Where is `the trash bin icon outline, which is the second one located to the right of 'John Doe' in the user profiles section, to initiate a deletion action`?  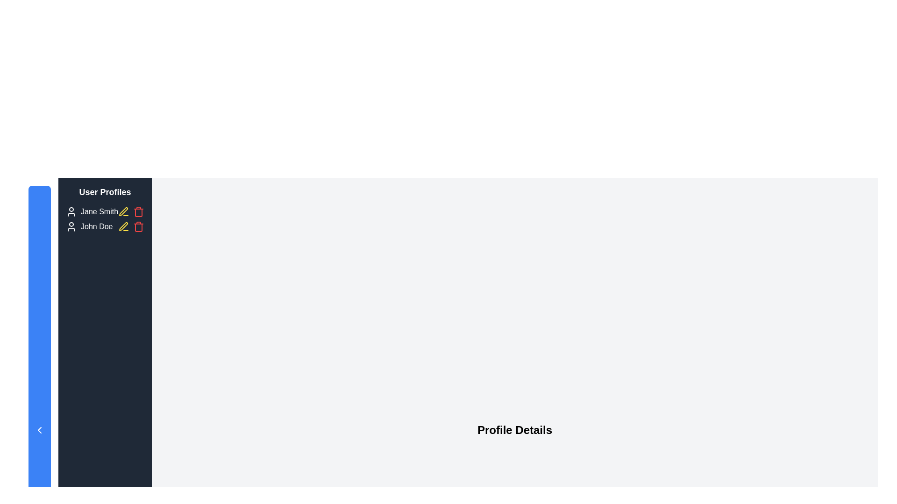
the trash bin icon outline, which is the second one located to the right of 'John Doe' in the user profiles section, to initiate a deletion action is located at coordinates (138, 228).